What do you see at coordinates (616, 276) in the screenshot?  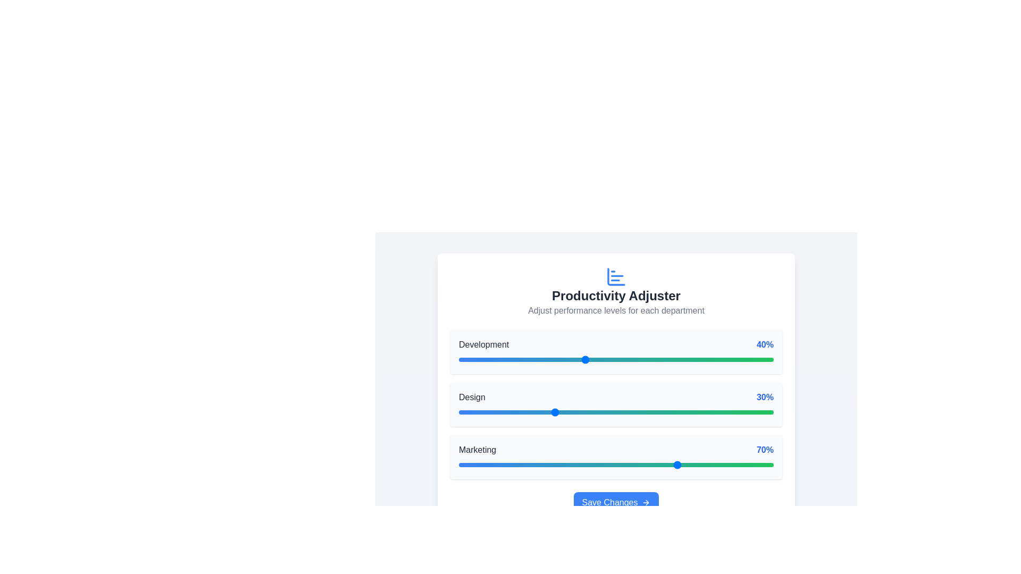 I see `the blue icon resembling a bar chart, which consists of three horizontal lines of varying lengths with rounded corners, positioned directly above the heading 'Productivity Adjuster'` at bounding box center [616, 276].